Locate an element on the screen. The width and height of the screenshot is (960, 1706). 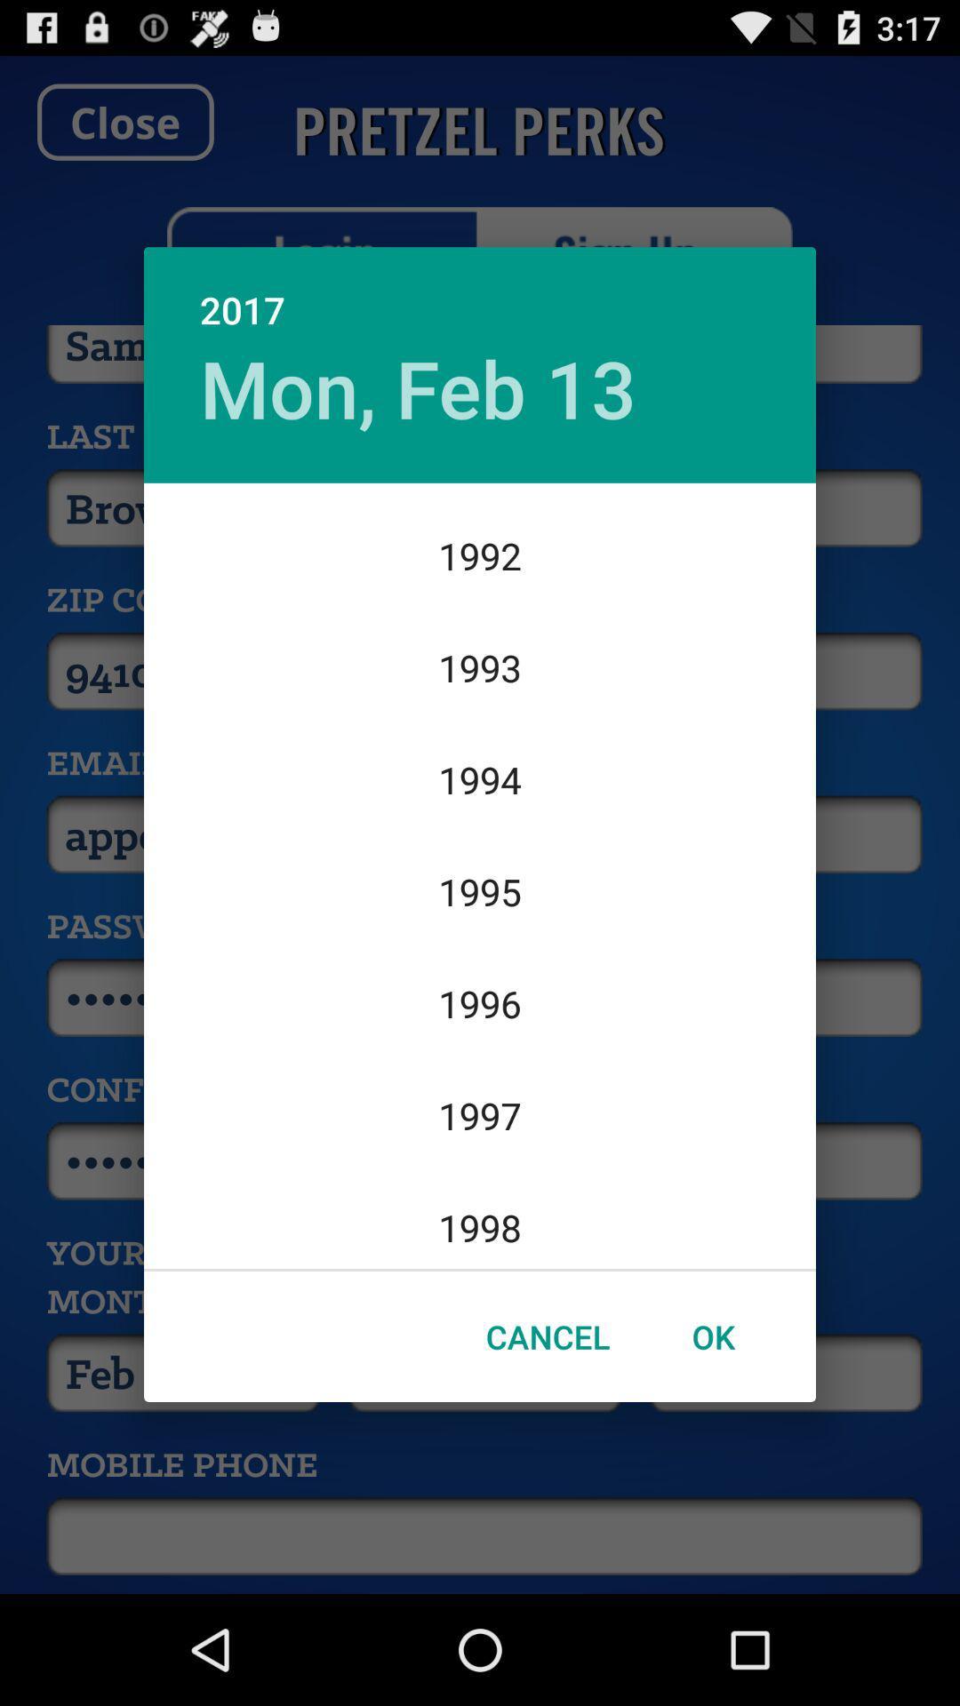
item to the right of the cancel is located at coordinates (712, 1336).